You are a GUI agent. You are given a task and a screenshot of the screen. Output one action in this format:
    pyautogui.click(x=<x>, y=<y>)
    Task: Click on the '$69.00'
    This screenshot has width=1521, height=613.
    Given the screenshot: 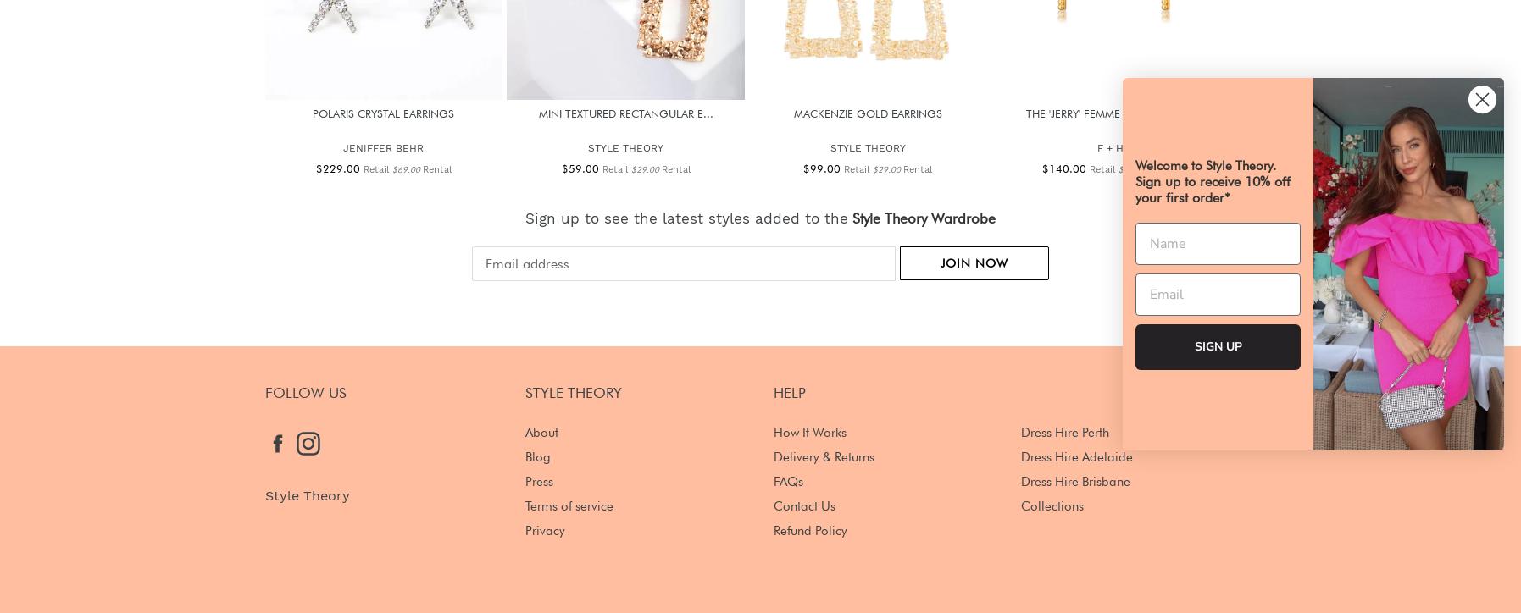 What is the action you would take?
    pyautogui.click(x=406, y=168)
    